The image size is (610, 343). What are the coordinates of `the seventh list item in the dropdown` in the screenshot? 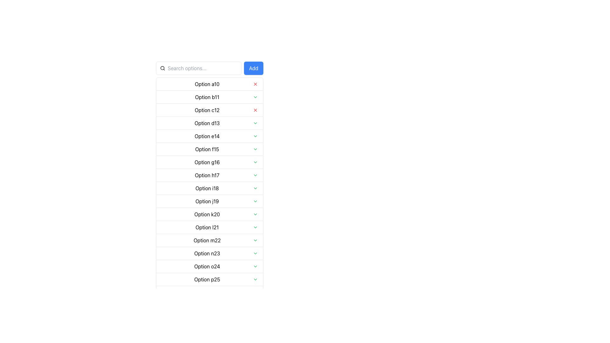 It's located at (210, 161).